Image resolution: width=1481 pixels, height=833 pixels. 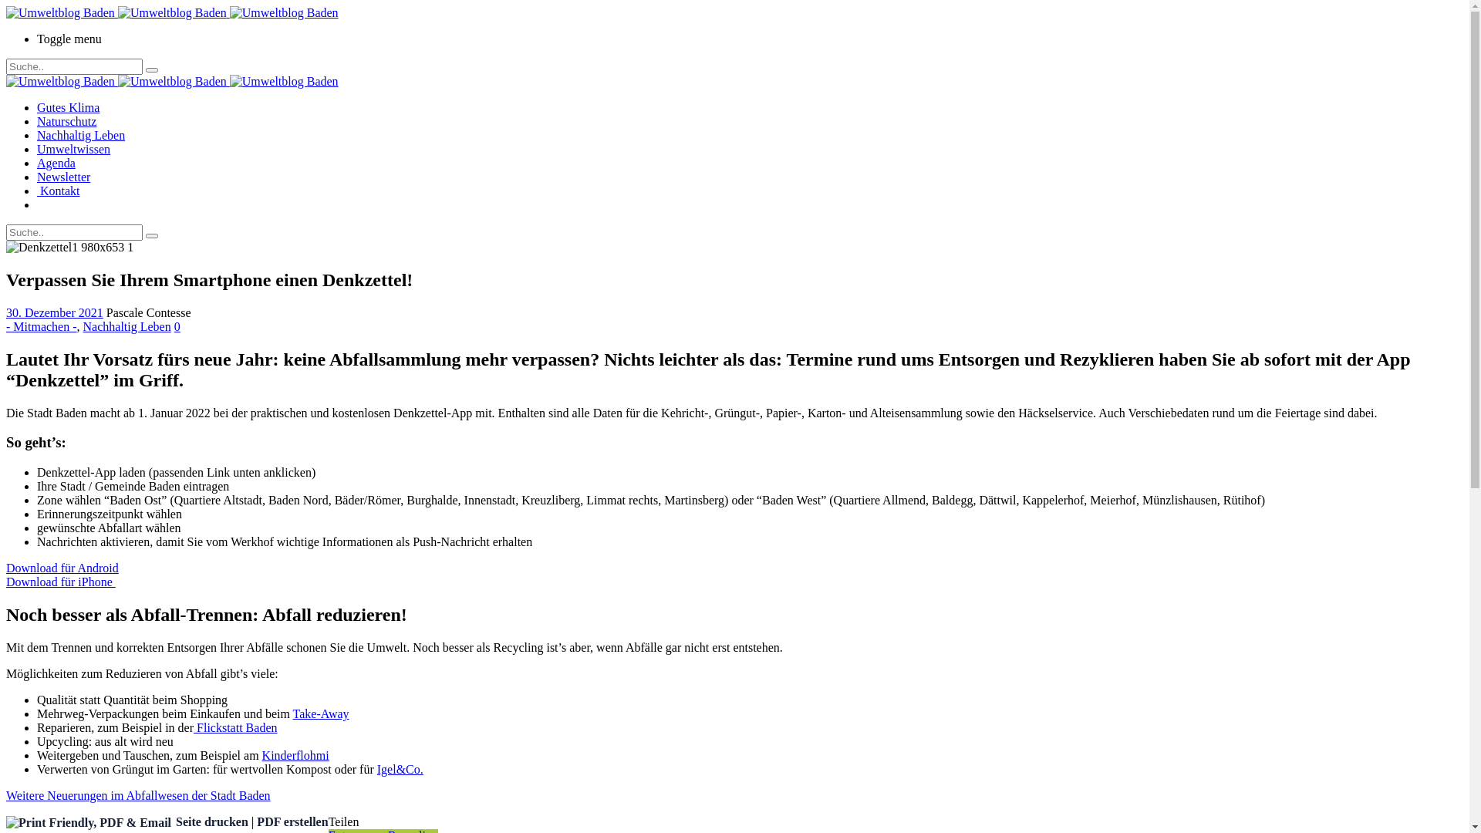 What do you see at coordinates (67, 106) in the screenshot?
I see `'Gutes Klima'` at bounding box center [67, 106].